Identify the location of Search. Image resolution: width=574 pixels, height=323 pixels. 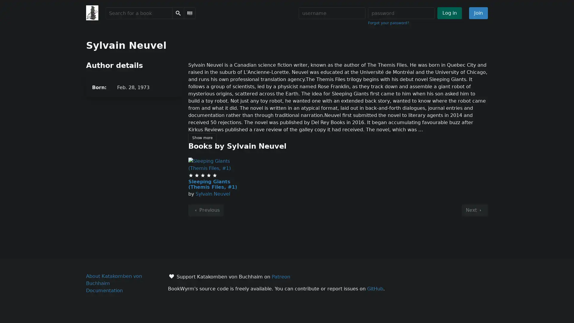
(178, 13).